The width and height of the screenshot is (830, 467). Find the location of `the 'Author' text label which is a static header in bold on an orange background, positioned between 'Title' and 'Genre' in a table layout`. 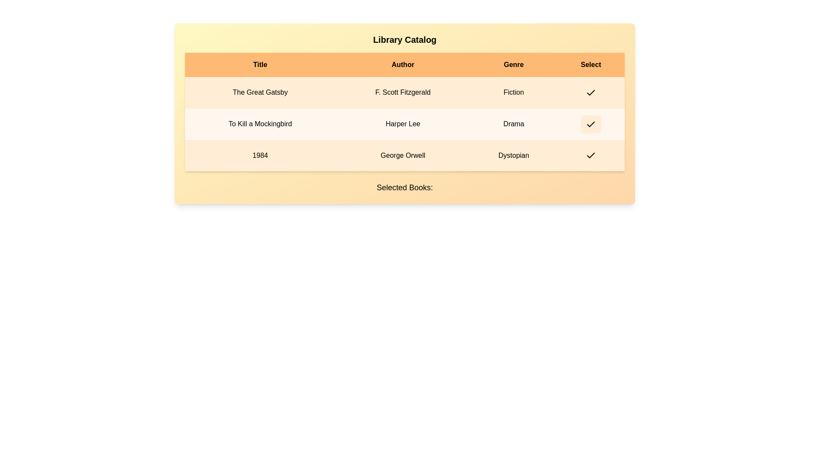

the 'Author' text label which is a static header in bold on an orange background, positioned between 'Title' and 'Genre' in a table layout is located at coordinates (402, 64).